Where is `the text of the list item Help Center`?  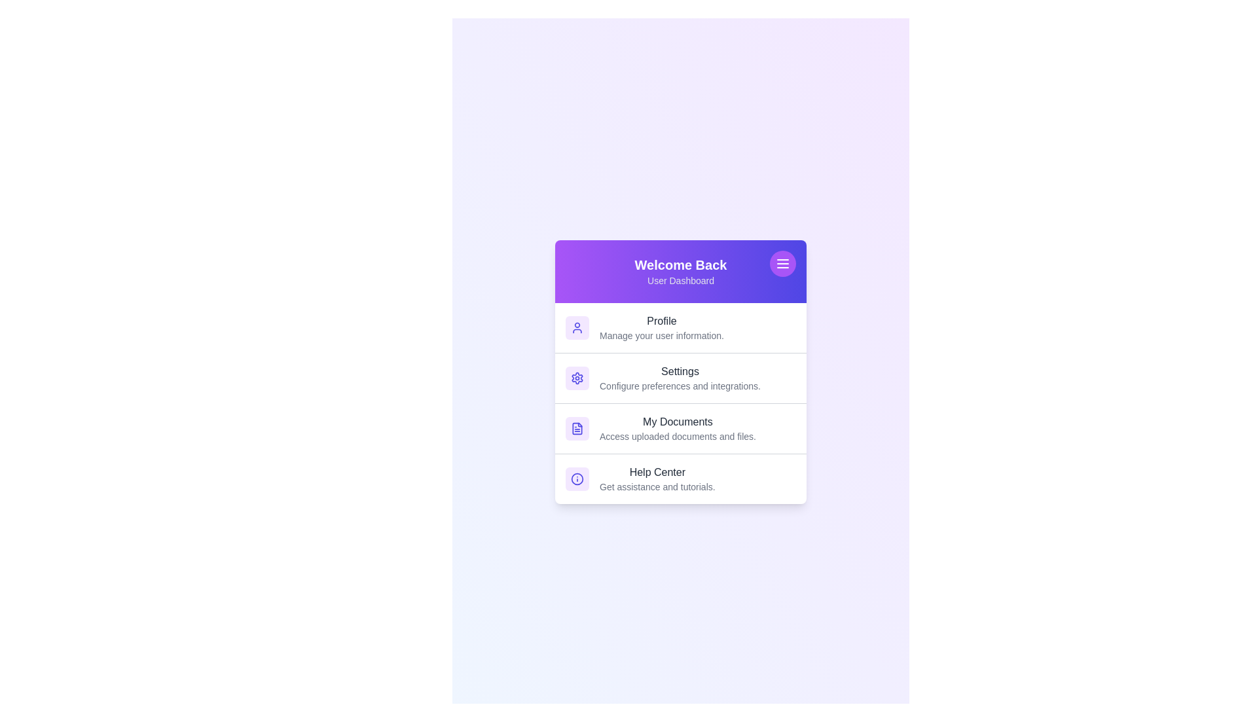 the text of the list item Help Center is located at coordinates (681, 472).